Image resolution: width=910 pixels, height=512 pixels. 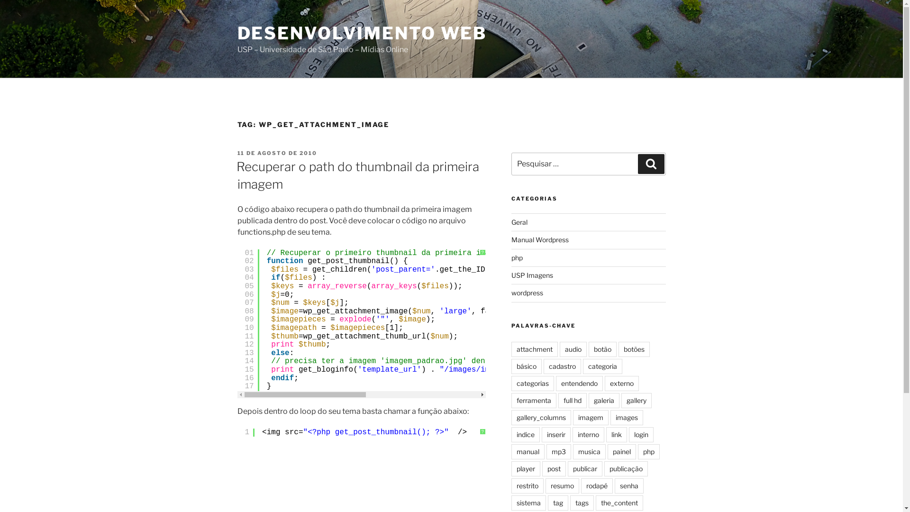 What do you see at coordinates (528, 502) in the screenshot?
I see `'sistema'` at bounding box center [528, 502].